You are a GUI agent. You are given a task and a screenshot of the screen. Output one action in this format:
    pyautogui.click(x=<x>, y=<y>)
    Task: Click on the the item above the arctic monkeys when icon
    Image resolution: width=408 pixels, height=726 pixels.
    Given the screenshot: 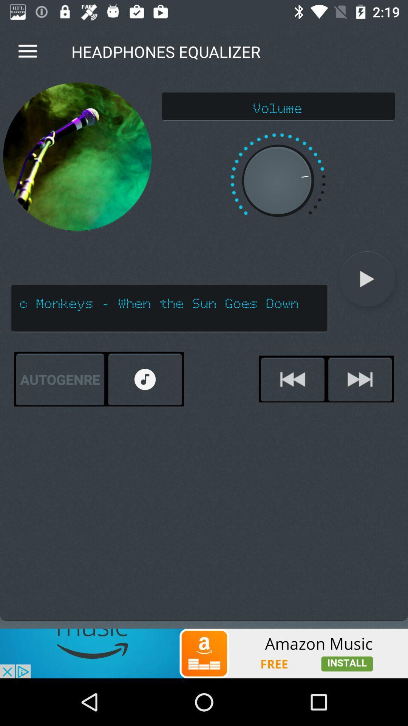 What is the action you would take?
    pyautogui.click(x=77, y=157)
    